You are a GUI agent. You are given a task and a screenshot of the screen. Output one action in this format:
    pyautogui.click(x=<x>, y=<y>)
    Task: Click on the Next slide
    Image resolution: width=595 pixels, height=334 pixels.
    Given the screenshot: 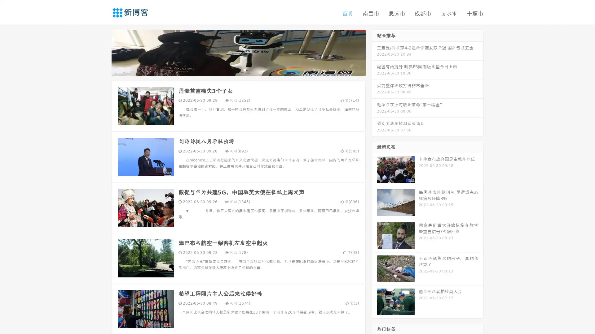 What is the action you would take?
    pyautogui.click(x=374, y=52)
    